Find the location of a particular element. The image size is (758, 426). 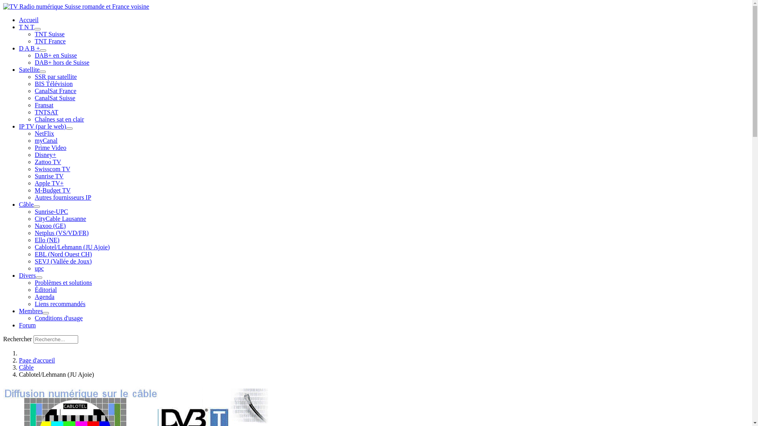

'M-Budget TV' is located at coordinates (52, 190).